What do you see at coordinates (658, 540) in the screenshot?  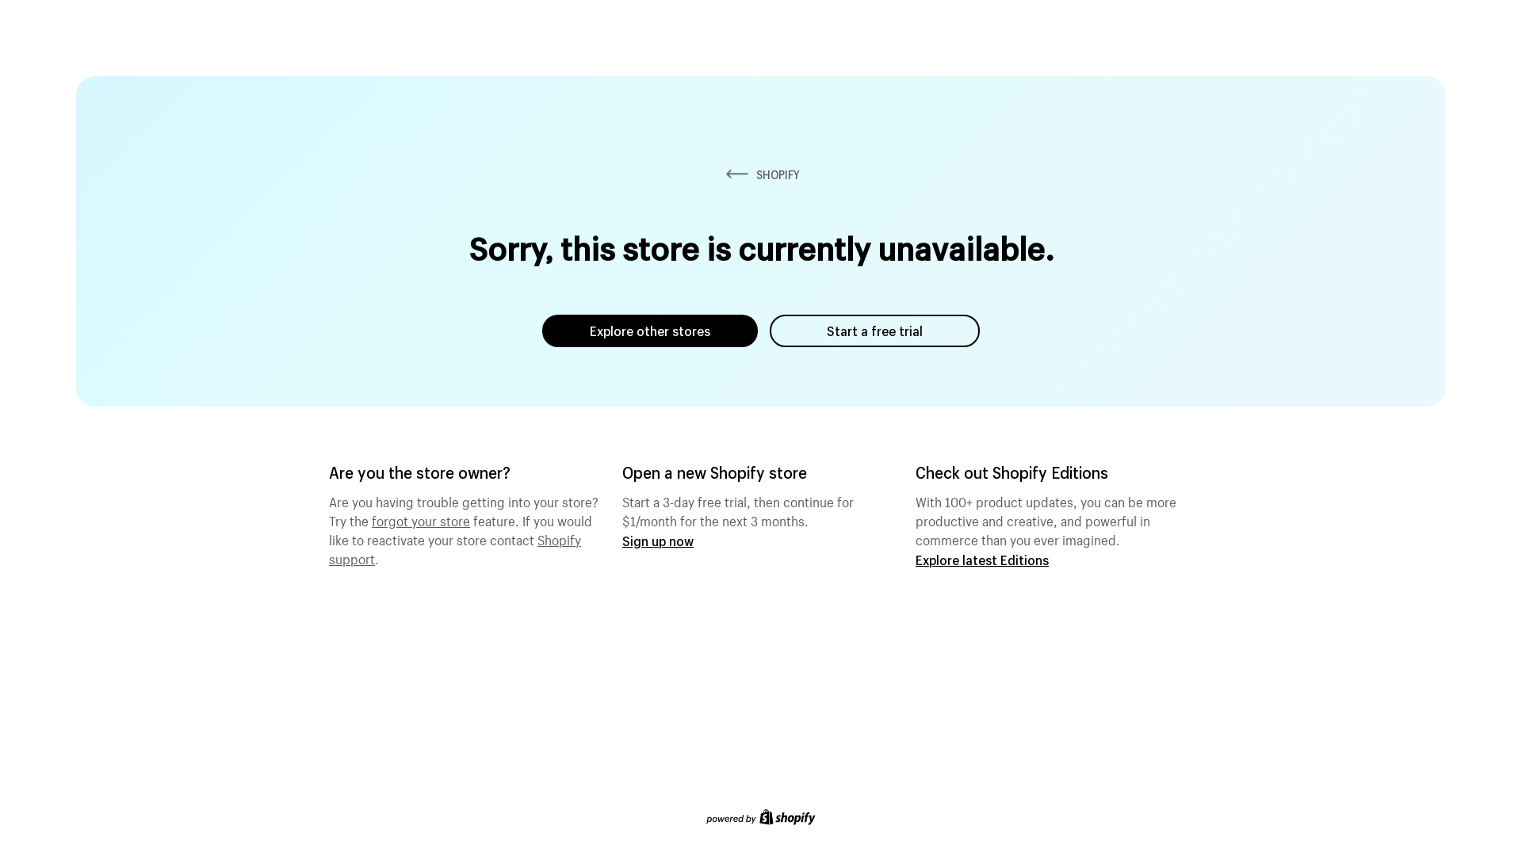 I see `'Sign up now'` at bounding box center [658, 540].